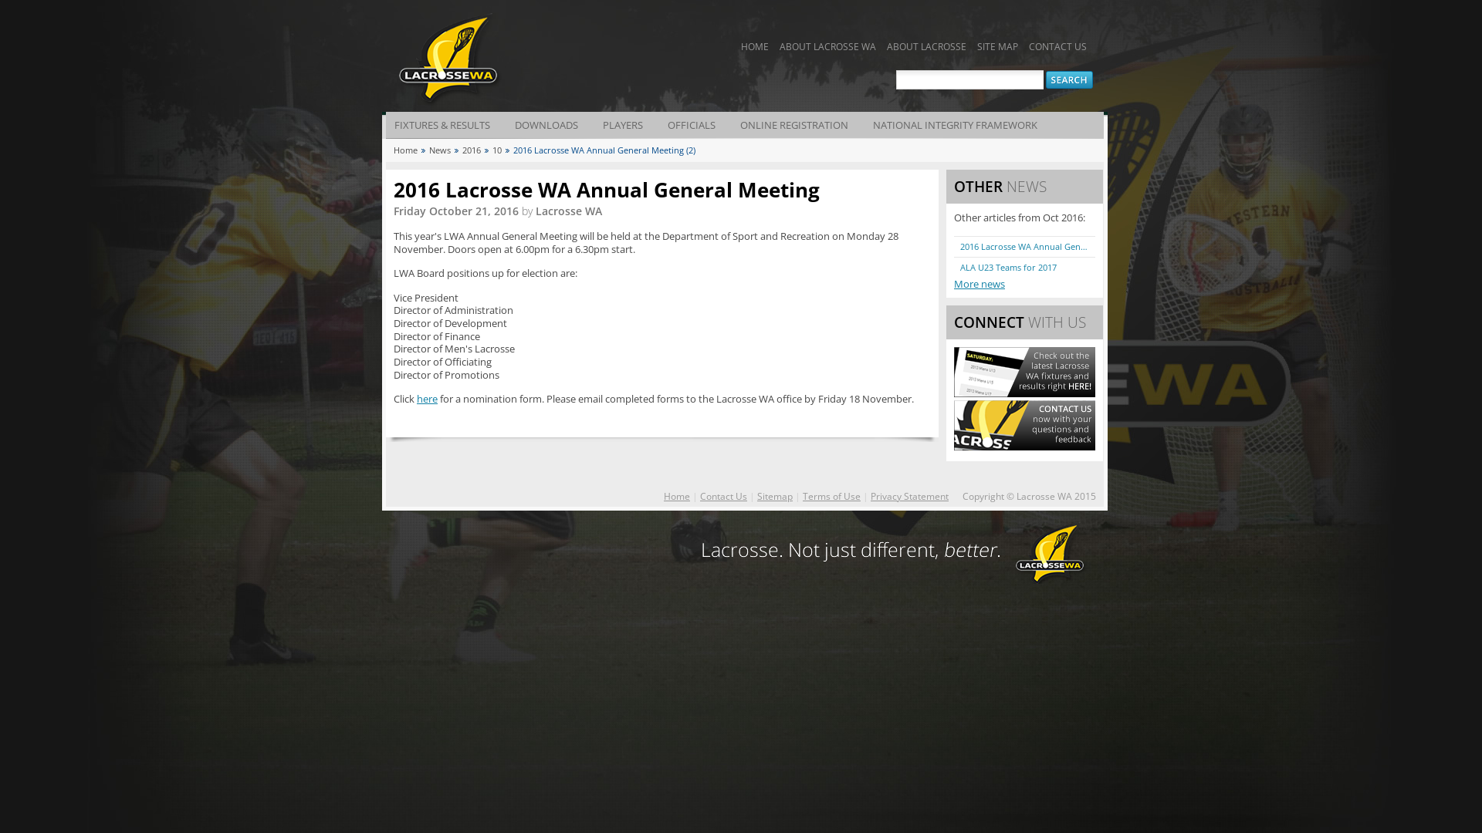 The width and height of the screenshot is (1482, 833). I want to click on '2016', so click(470, 150).